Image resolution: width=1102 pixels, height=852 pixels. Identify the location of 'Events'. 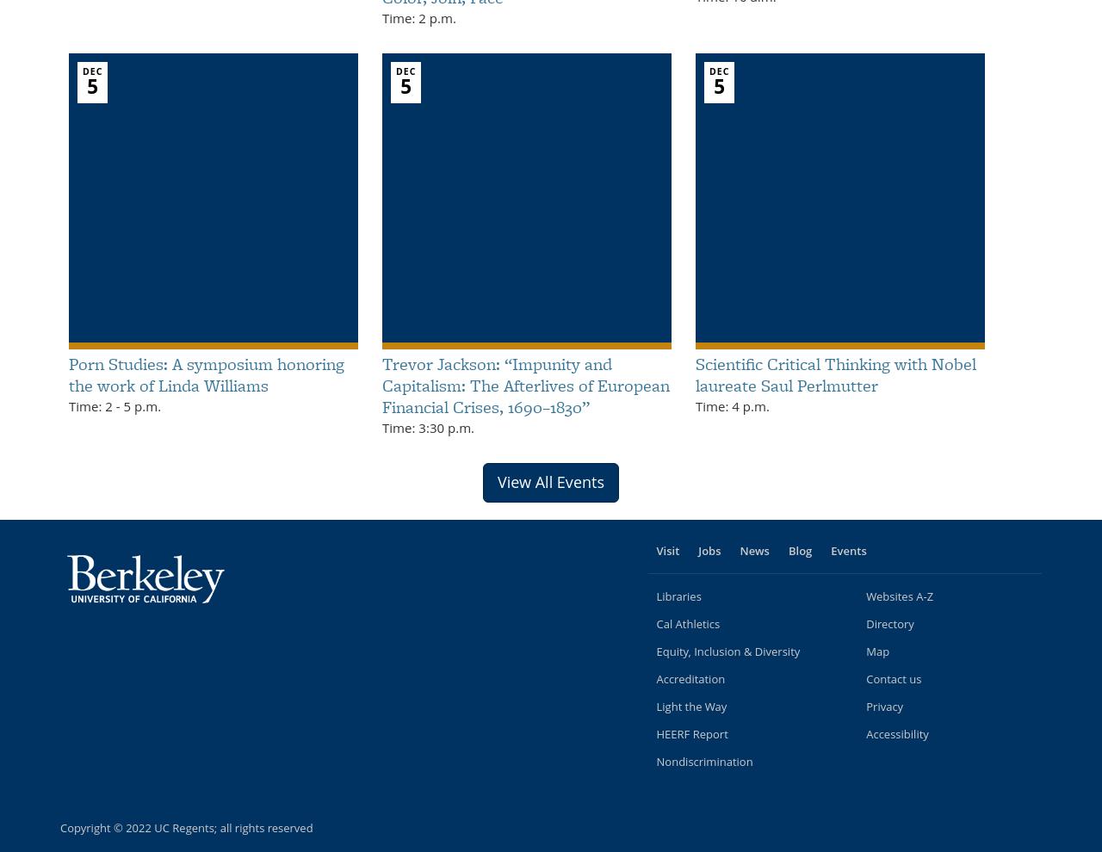
(848, 549).